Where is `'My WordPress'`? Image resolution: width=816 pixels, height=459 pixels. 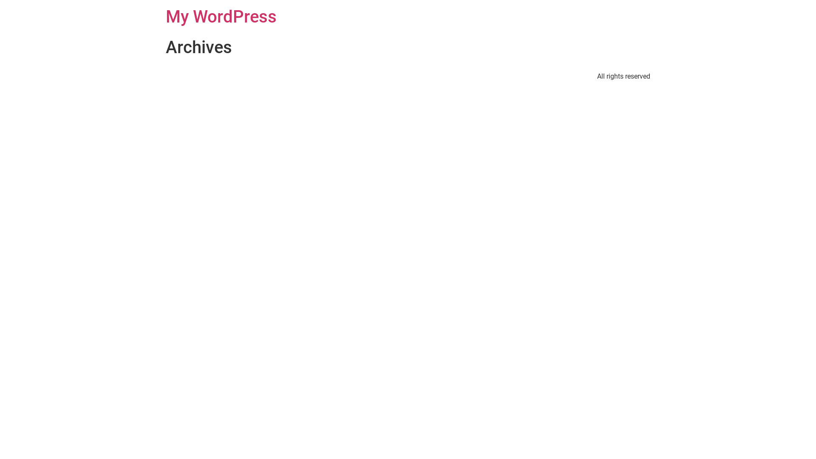
'My WordPress' is located at coordinates (221, 17).